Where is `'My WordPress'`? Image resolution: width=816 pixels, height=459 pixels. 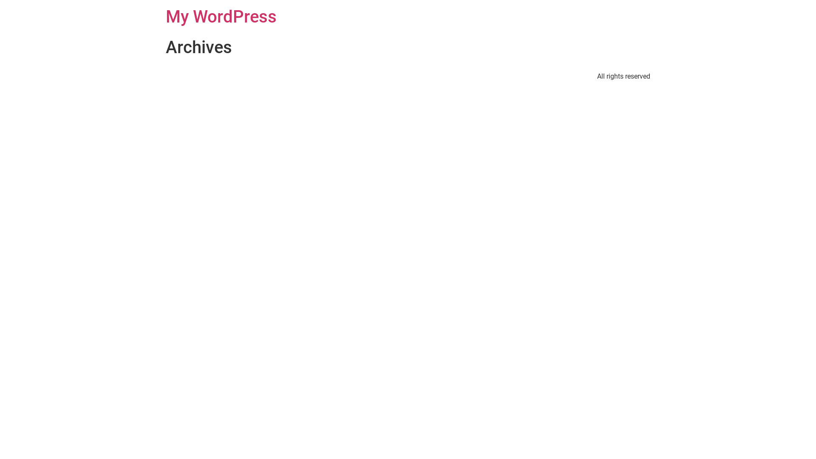
'My WordPress' is located at coordinates (221, 17).